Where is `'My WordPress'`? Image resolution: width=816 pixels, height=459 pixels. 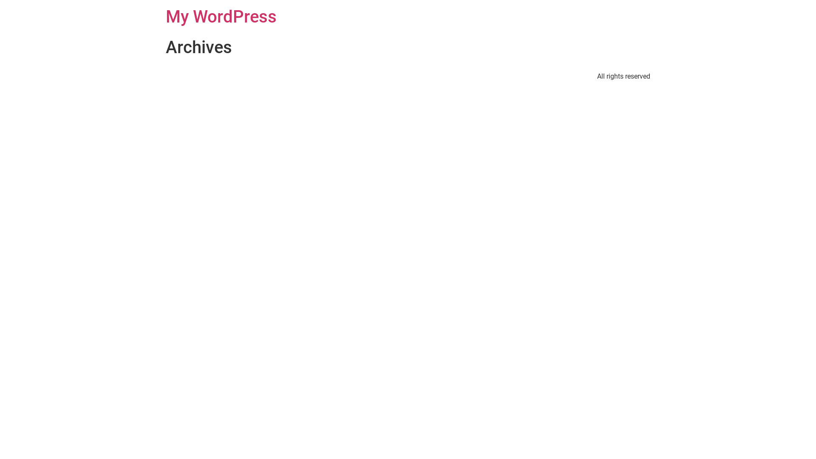
'My WordPress' is located at coordinates (221, 17).